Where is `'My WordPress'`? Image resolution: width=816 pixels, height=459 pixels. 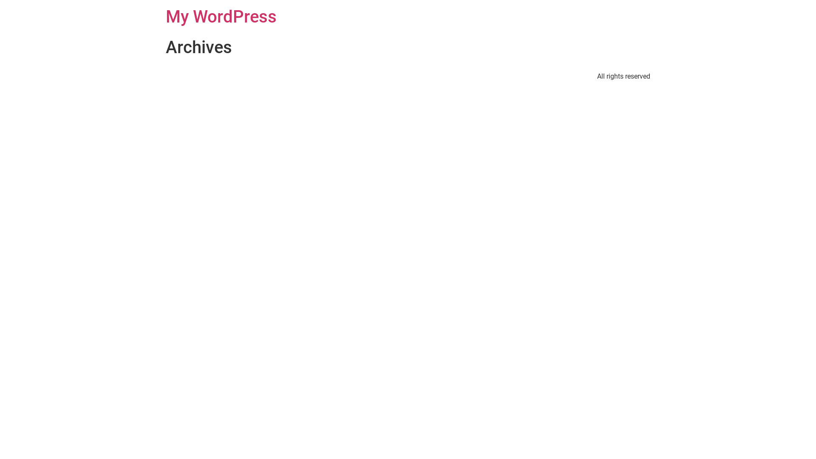
'My WordPress' is located at coordinates (221, 17).